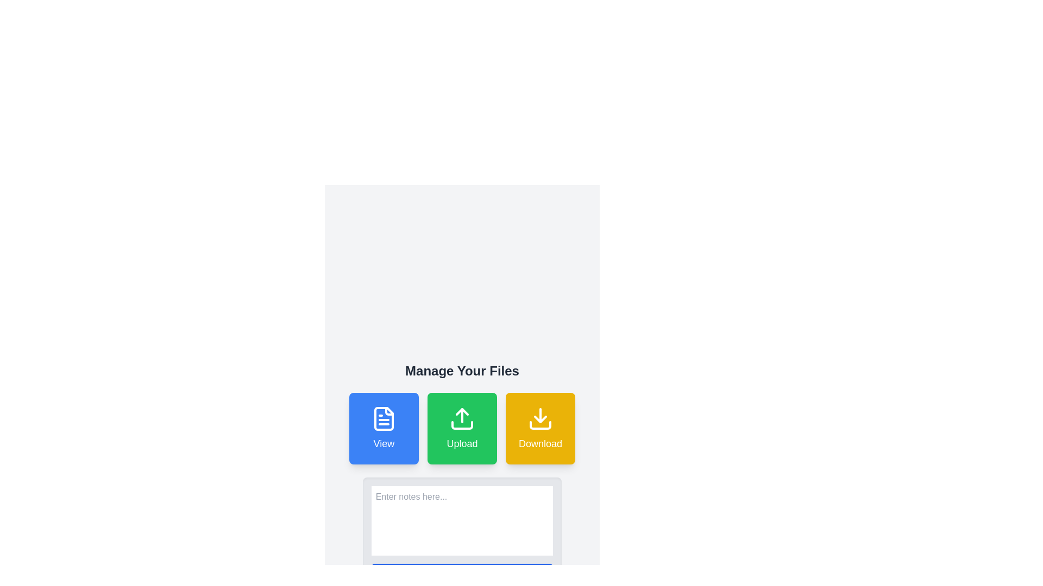 This screenshot has width=1043, height=586. What do you see at coordinates (541, 443) in the screenshot?
I see `the text label within the yellow 'Download' button, which indicates the functionality of the button for downloading files` at bounding box center [541, 443].